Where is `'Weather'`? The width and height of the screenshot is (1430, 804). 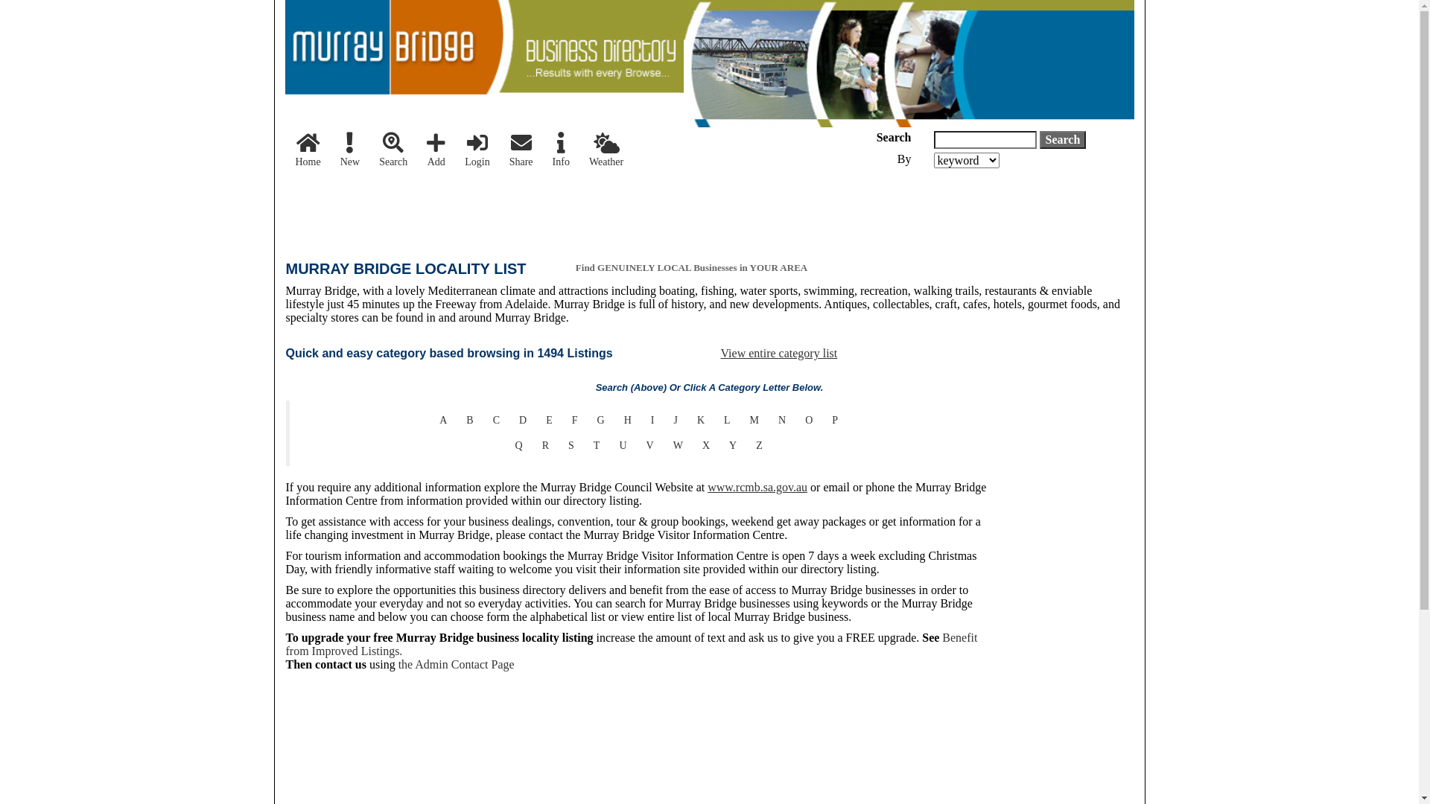
'Weather' is located at coordinates (606, 151).